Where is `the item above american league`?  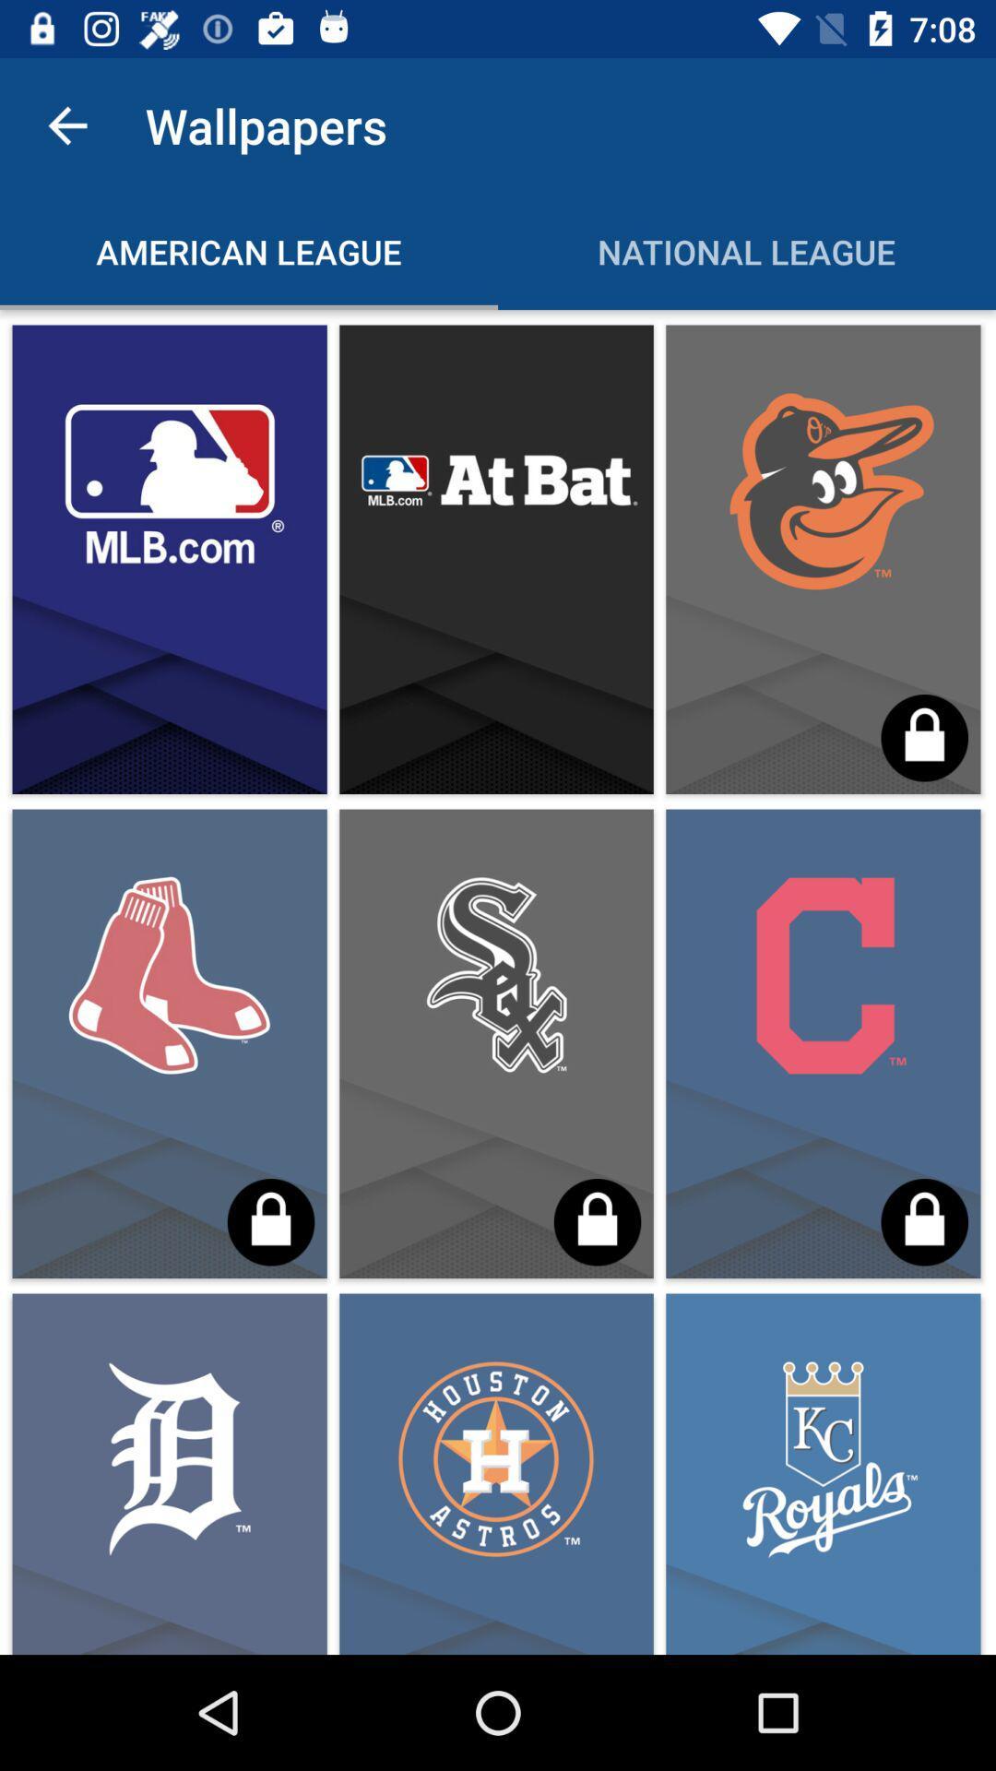
the item above american league is located at coordinates (66, 125).